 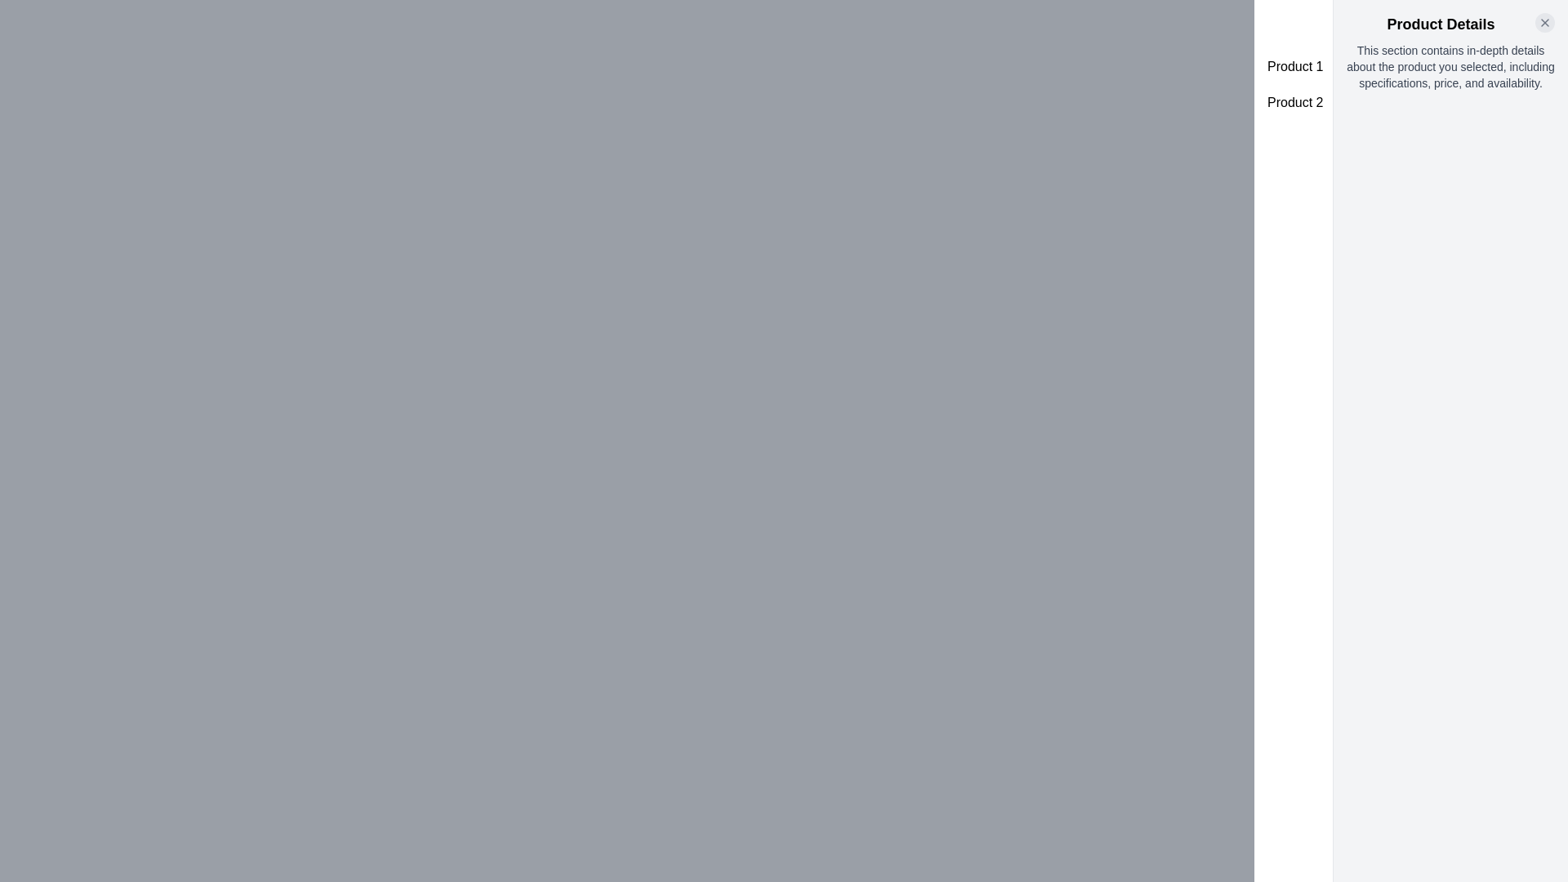 What do you see at coordinates (1410, 24) in the screenshot?
I see `the 'Product List' text header for accessibility purposes by moving the cursor to its center point` at bounding box center [1410, 24].